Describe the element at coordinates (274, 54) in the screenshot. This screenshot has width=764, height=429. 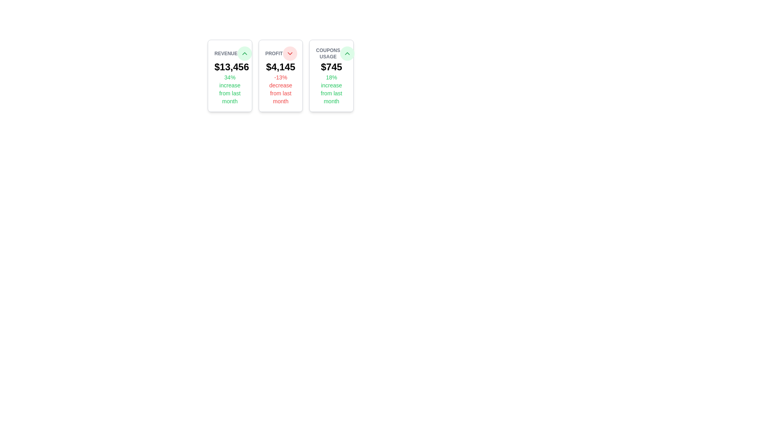
I see `the text label indicating profit-related data located at the top of the second card in a row of three cards, which precedes a red icon and a downward-facing arrow graphic` at that location.